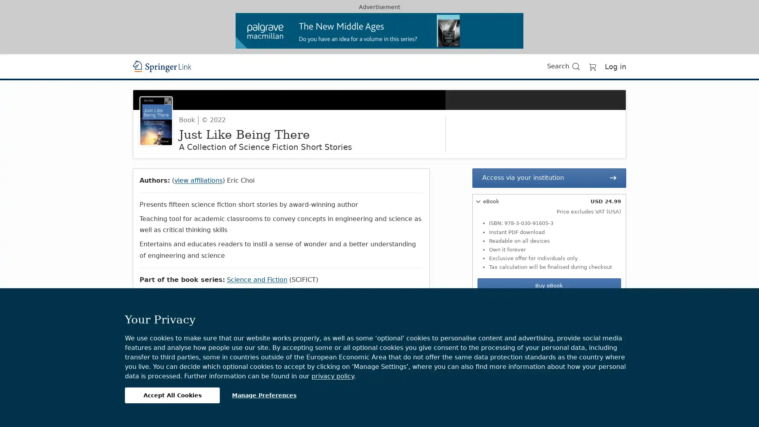  I want to click on Manage Preferences, so click(264, 395).